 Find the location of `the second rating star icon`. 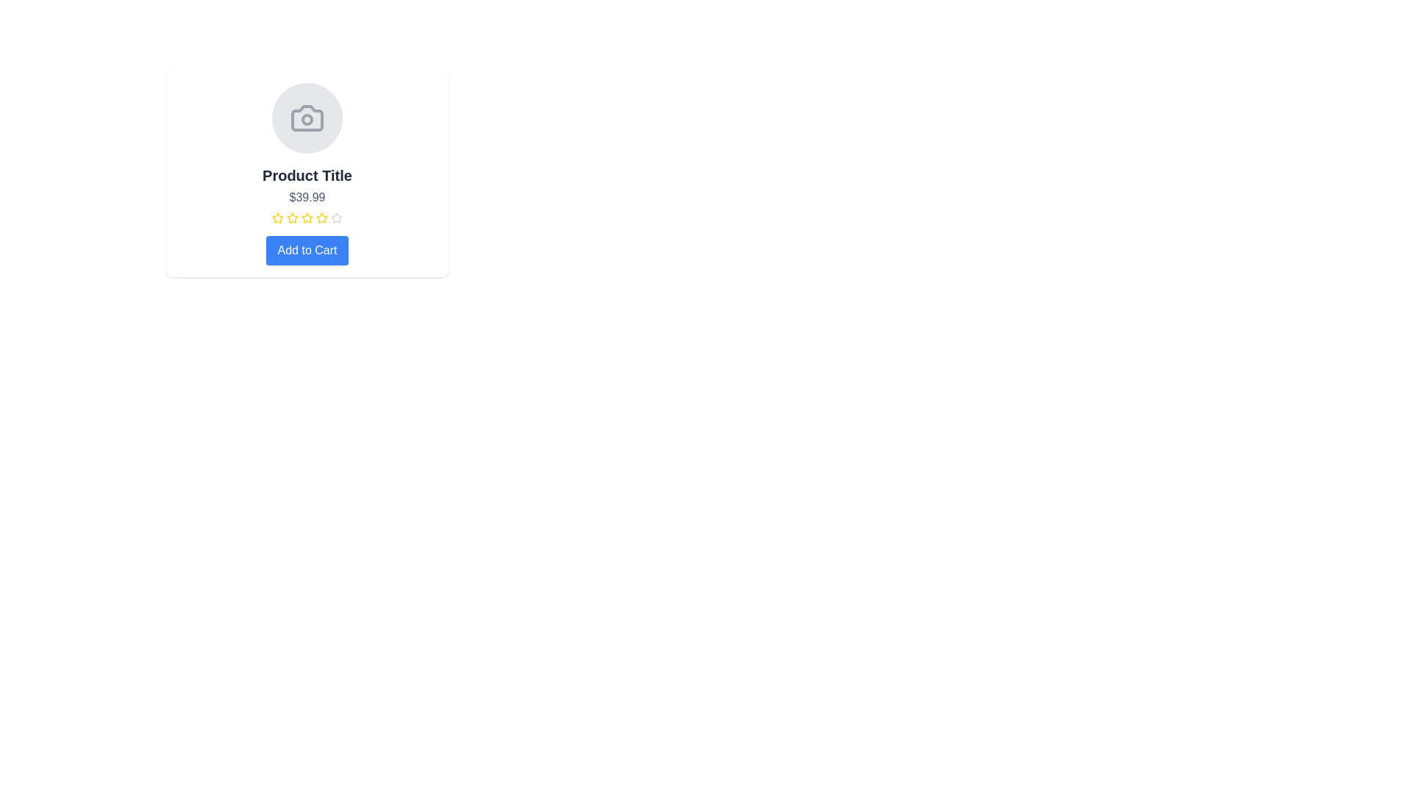

the second rating star icon is located at coordinates (293, 218).